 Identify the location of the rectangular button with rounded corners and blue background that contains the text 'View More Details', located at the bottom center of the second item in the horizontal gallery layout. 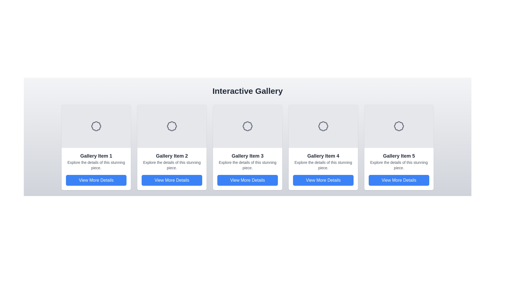
(171, 180).